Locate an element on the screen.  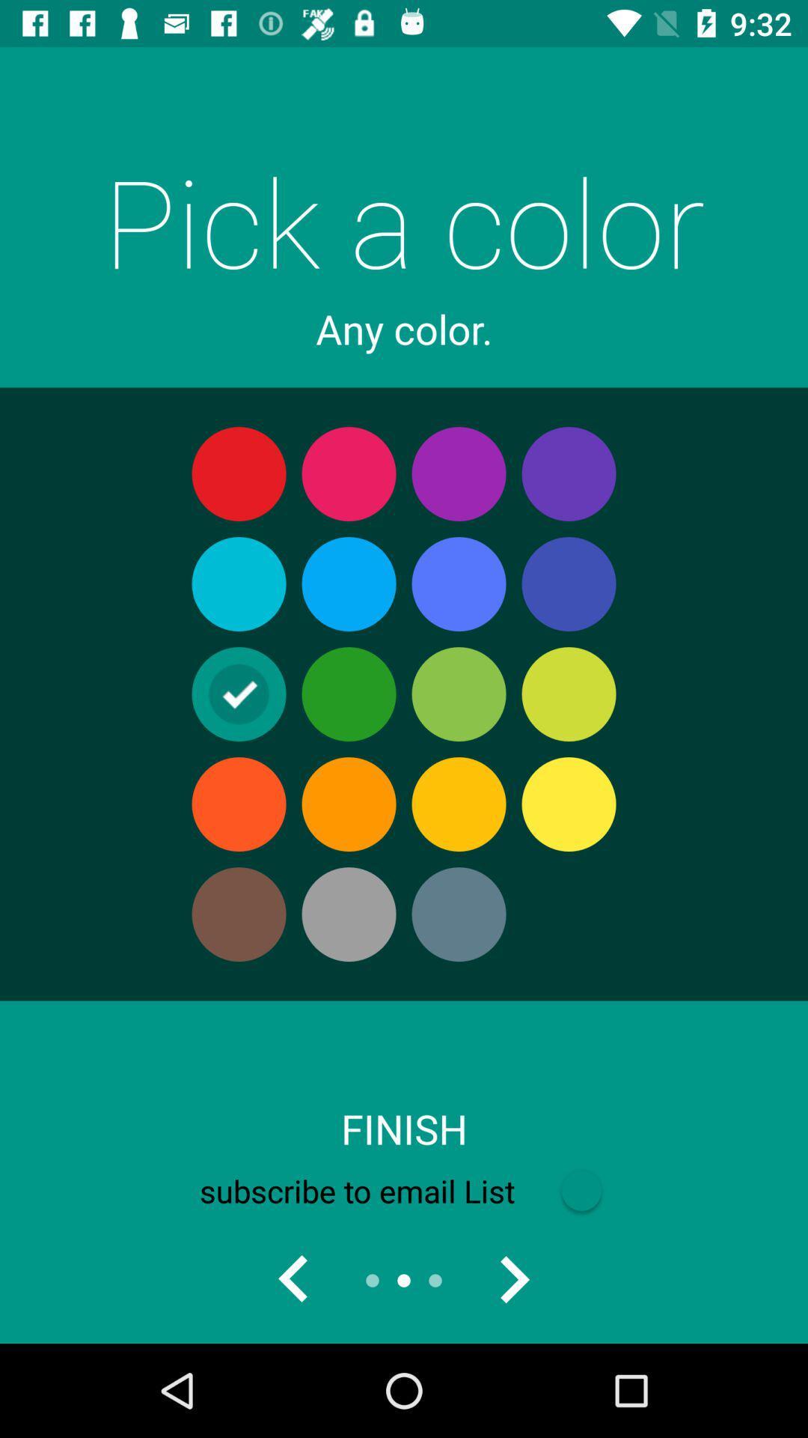
go back is located at coordinates (294, 1279).